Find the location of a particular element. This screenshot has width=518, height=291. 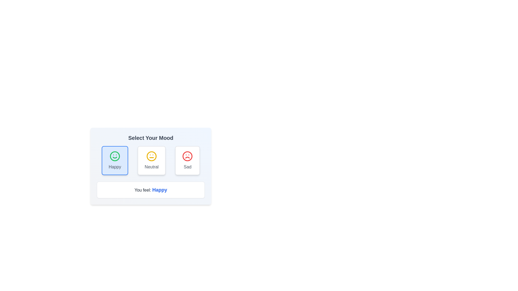

the 'Sad' mood selection button, which is a box-shaped component with a rounded border and a red frowning face icon above the label 'Sad' is located at coordinates (188, 160).